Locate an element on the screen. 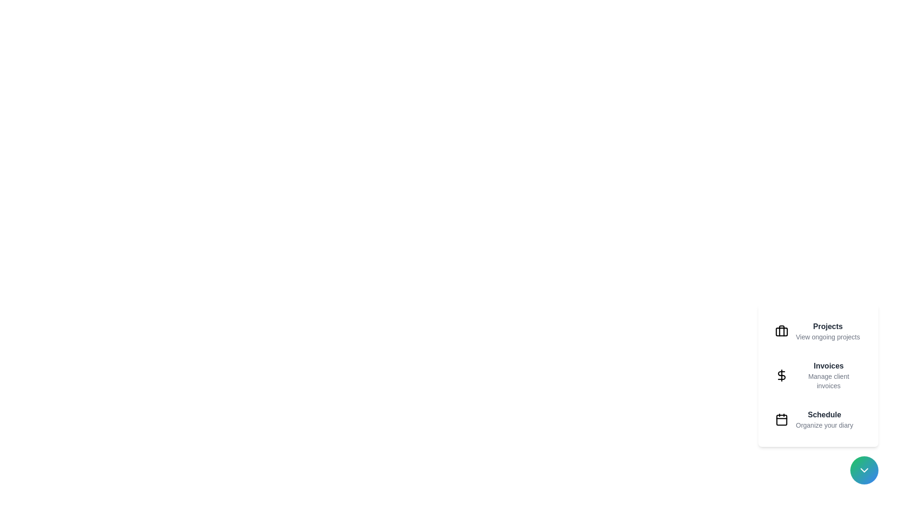 Image resolution: width=901 pixels, height=507 pixels. the menu item Projects to highlight it is located at coordinates (817, 330).